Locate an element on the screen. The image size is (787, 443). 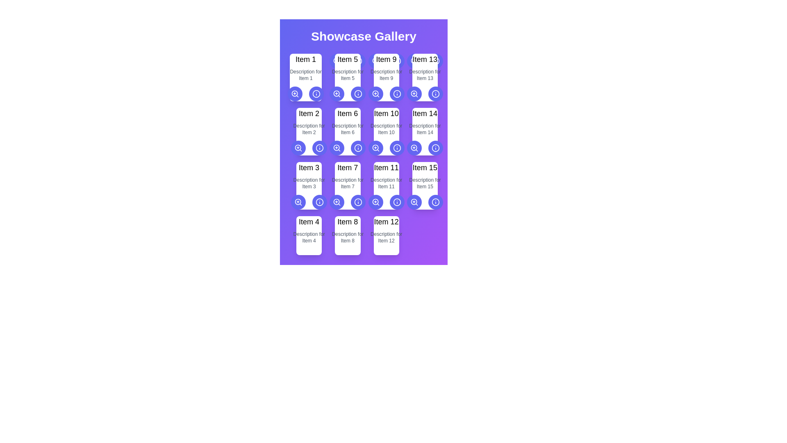
the button-group component containing the zoom-in and info buttons, which are styled with a purple background and white icons, located beneath 'Item 6' and its description is located at coordinates (348, 148).